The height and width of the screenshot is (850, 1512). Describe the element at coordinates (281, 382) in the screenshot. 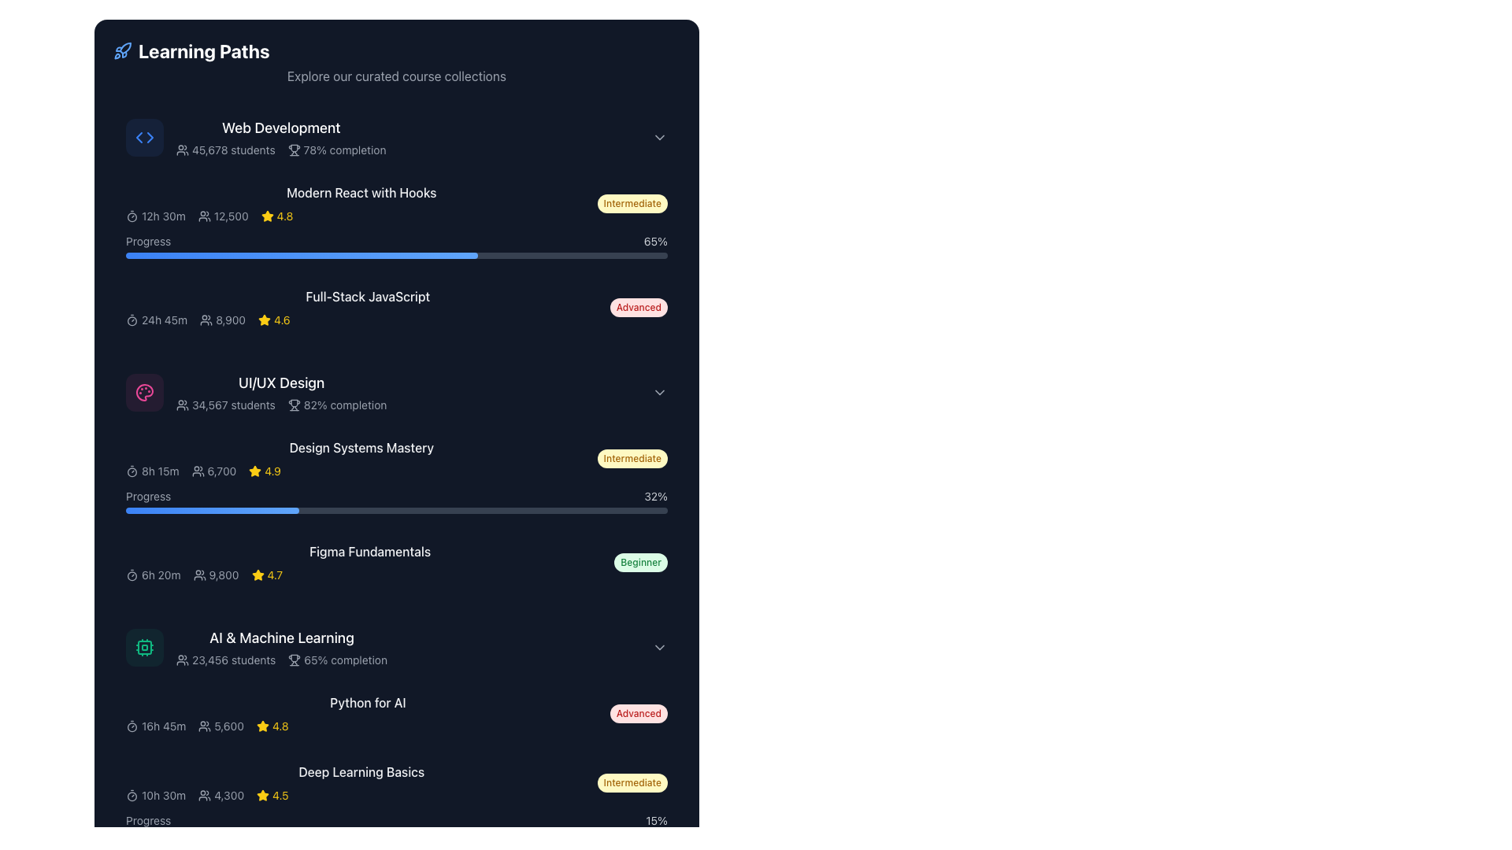

I see `course title from the text label located in the third row of the course listing under the 'Learning Paths' section, which serves as the main title of the 'UI/UX Design' course` at that location.